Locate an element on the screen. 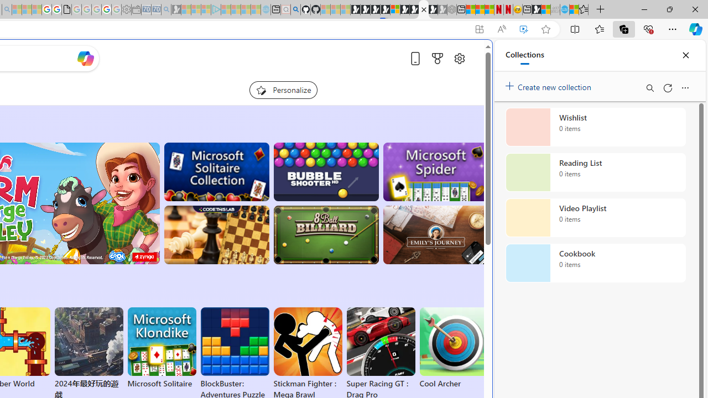  'World - MSN' is located at coordinates (545, 9).